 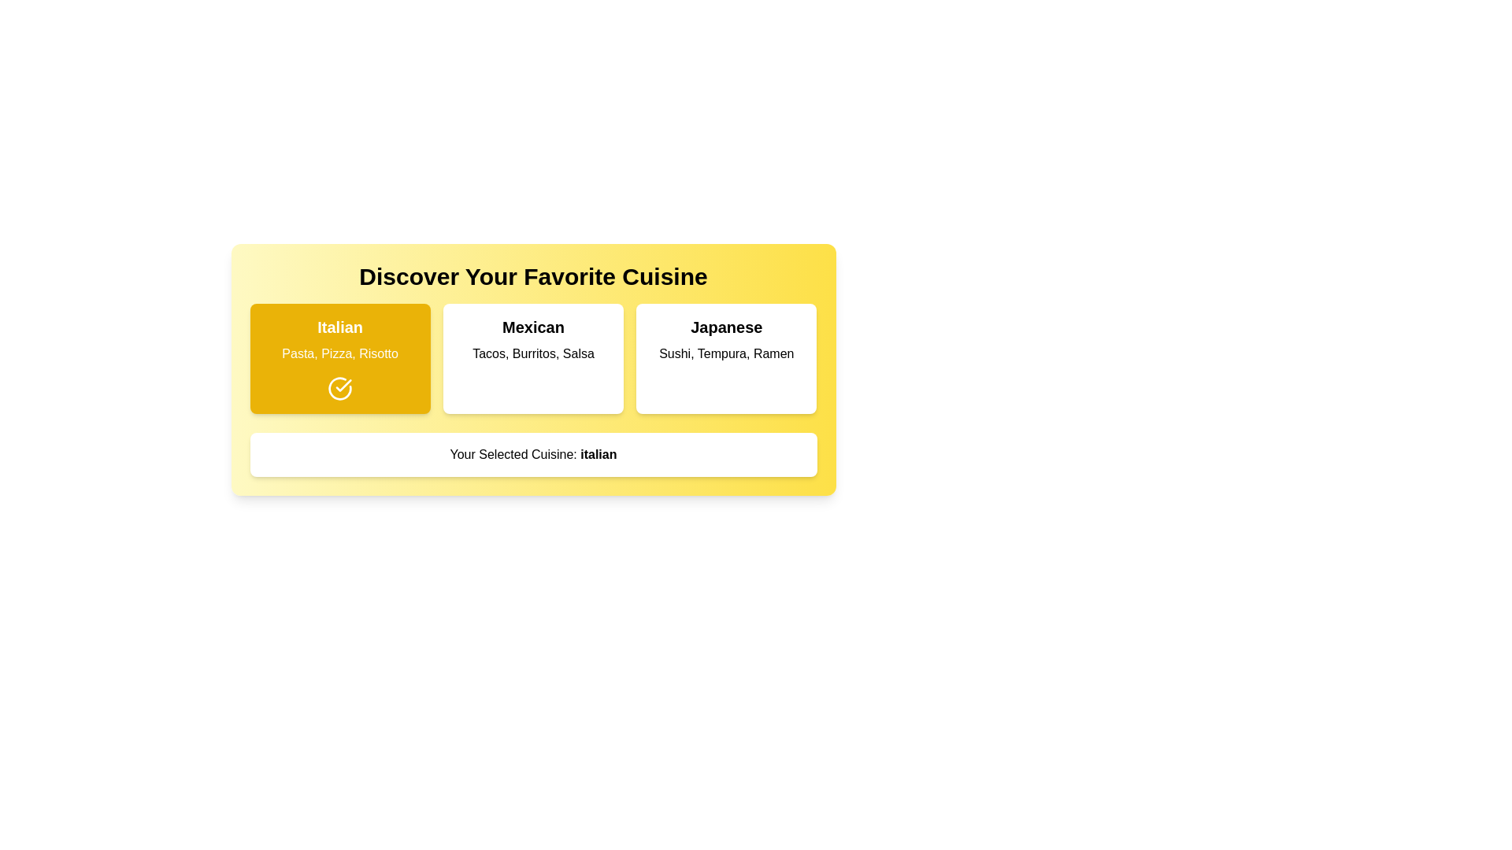 What do you see at coordinates (533, 455) in the screenshot?
I see `displayed text in the horizontal text box with rounded corners that shows 'Your Selected Cuisine: italian'` at bounding box center [533, 455].